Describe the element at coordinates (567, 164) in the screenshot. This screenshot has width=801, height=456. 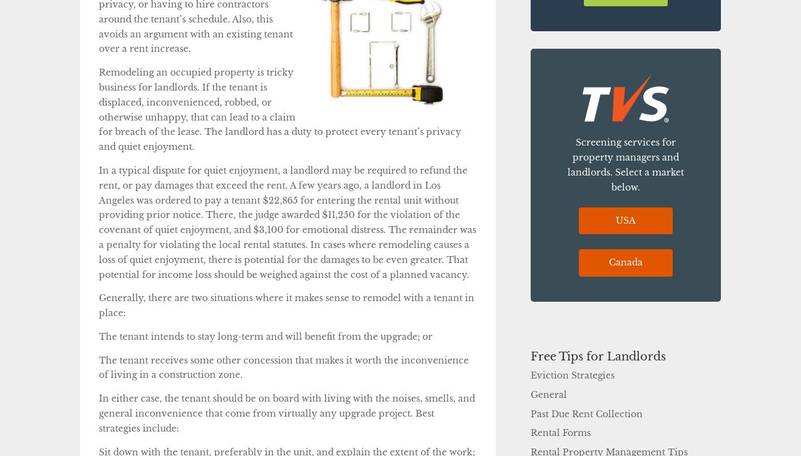
I see `'Screening services for property managers and landlords. Select a market below.'` at that location.